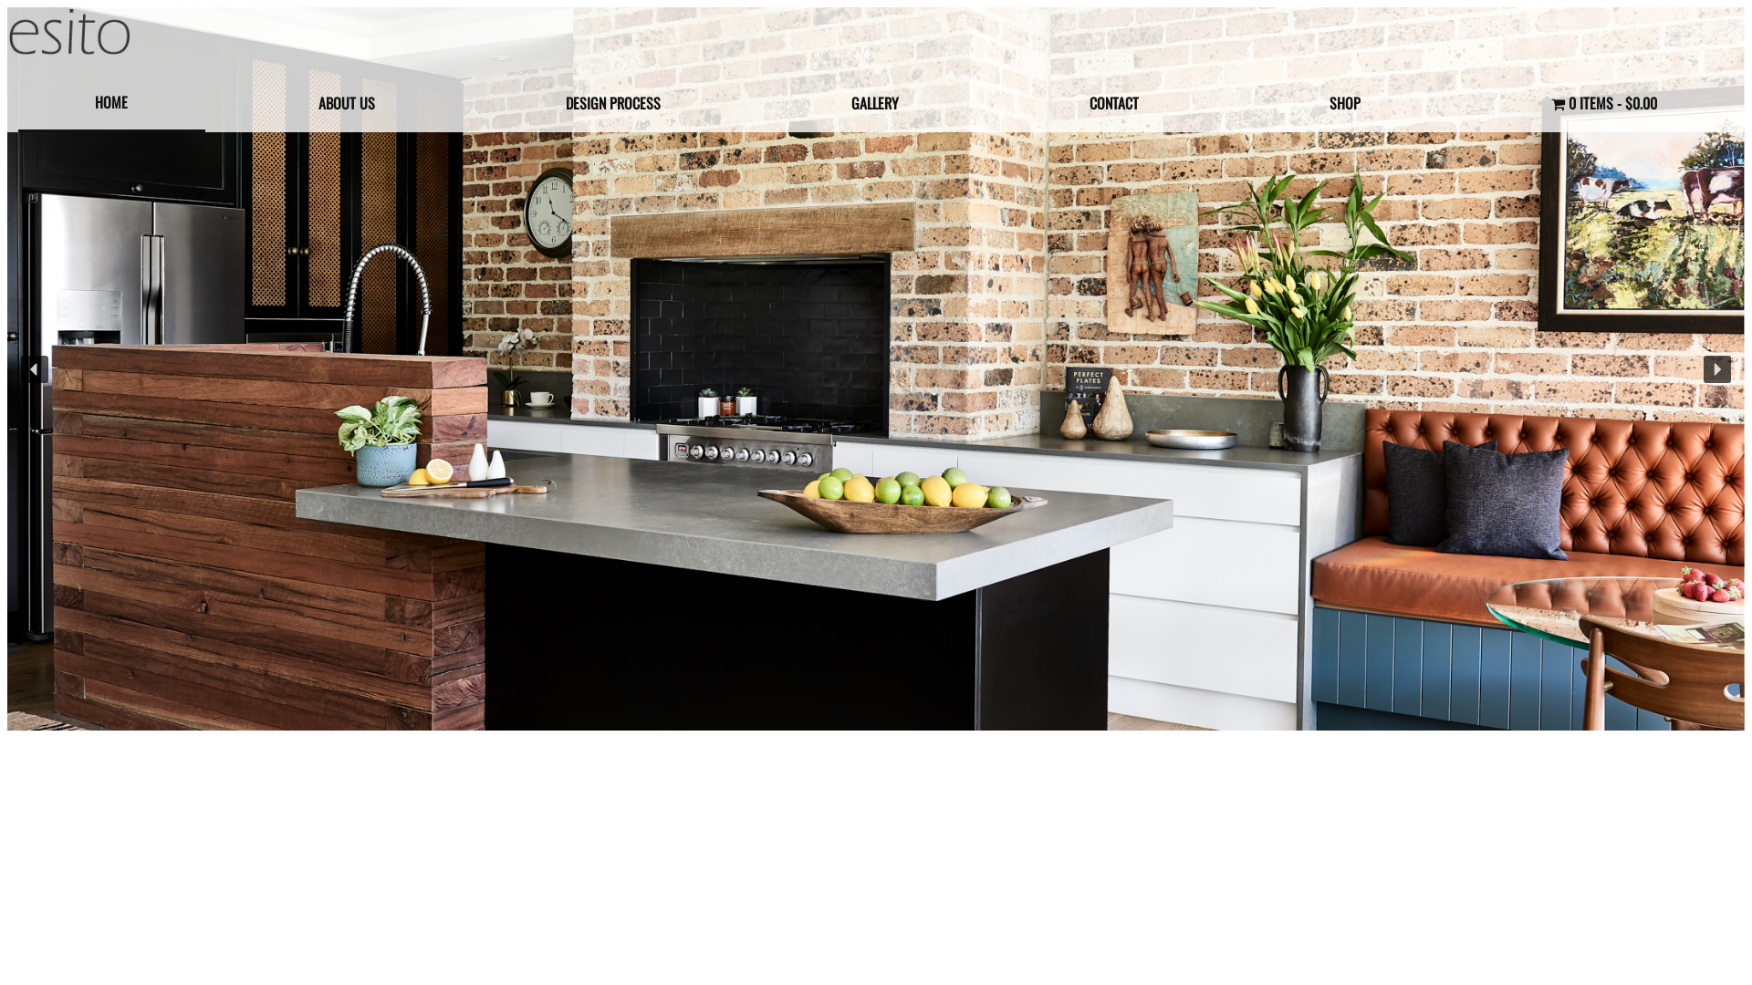  Describe the element at coordinates (110, 103) in the screenshot. I see `'HOME'` at that location.